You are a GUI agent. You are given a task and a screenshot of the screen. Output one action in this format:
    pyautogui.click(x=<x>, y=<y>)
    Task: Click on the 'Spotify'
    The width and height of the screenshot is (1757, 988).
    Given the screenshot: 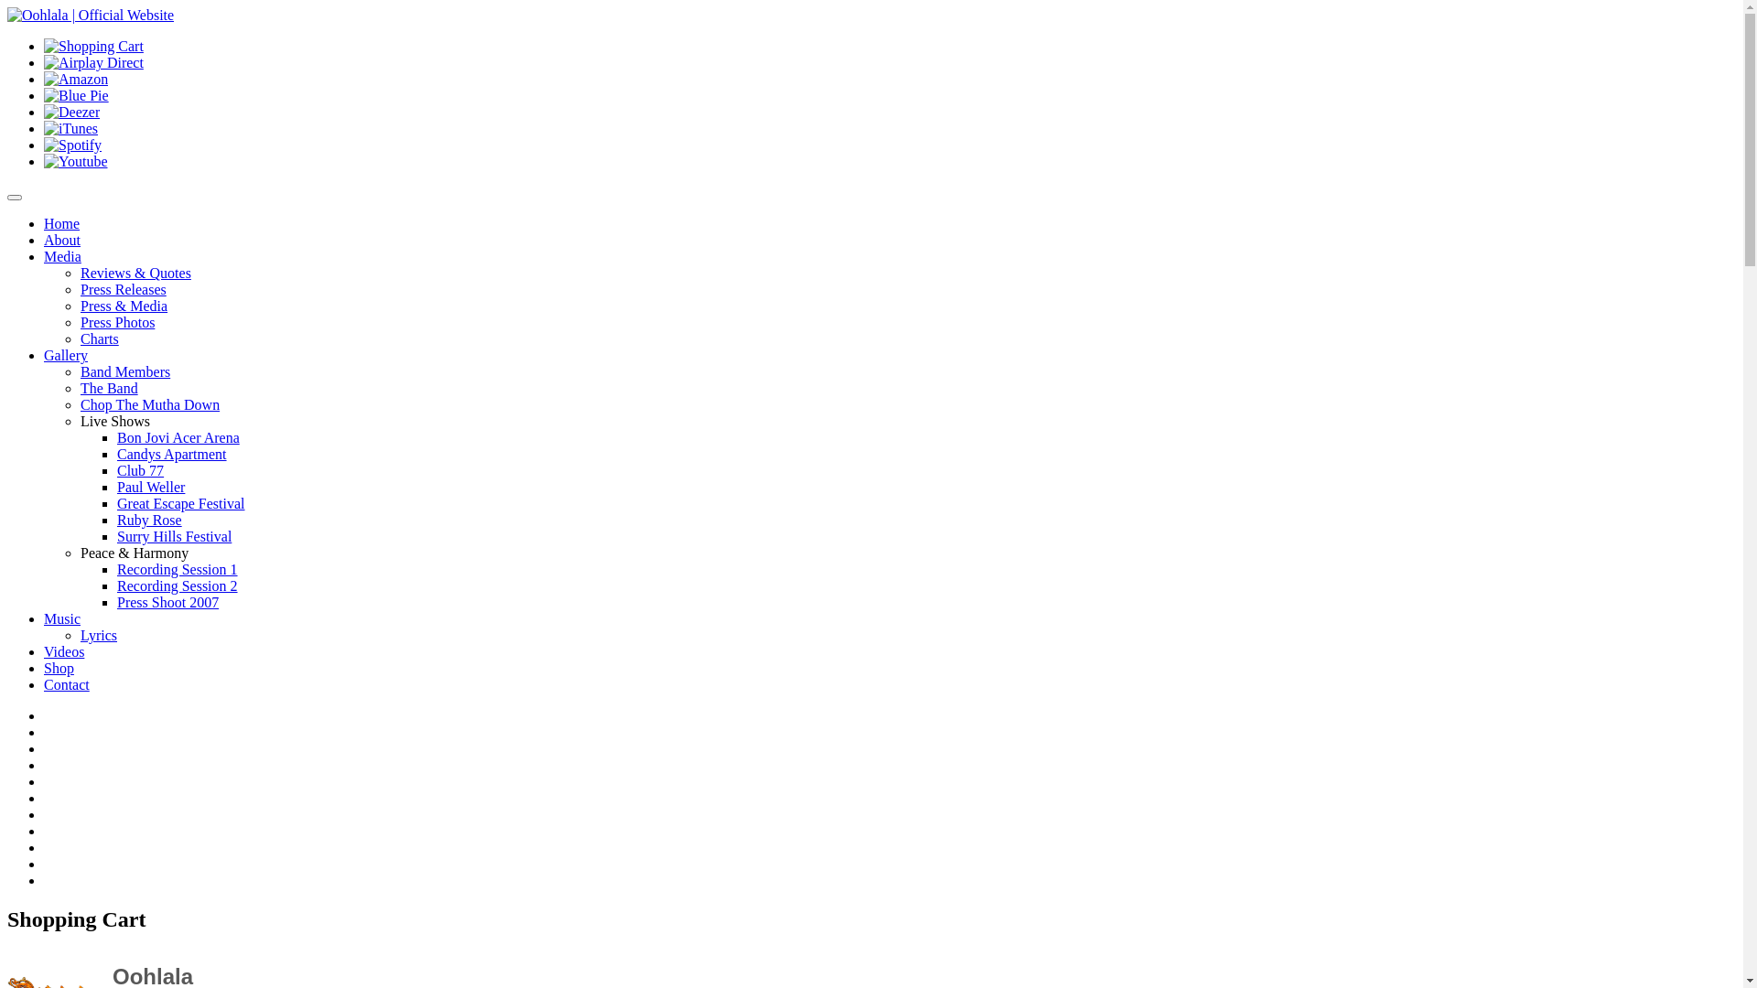 What is the action you would take?
    pyautogui.click(x=72, y=144)
    